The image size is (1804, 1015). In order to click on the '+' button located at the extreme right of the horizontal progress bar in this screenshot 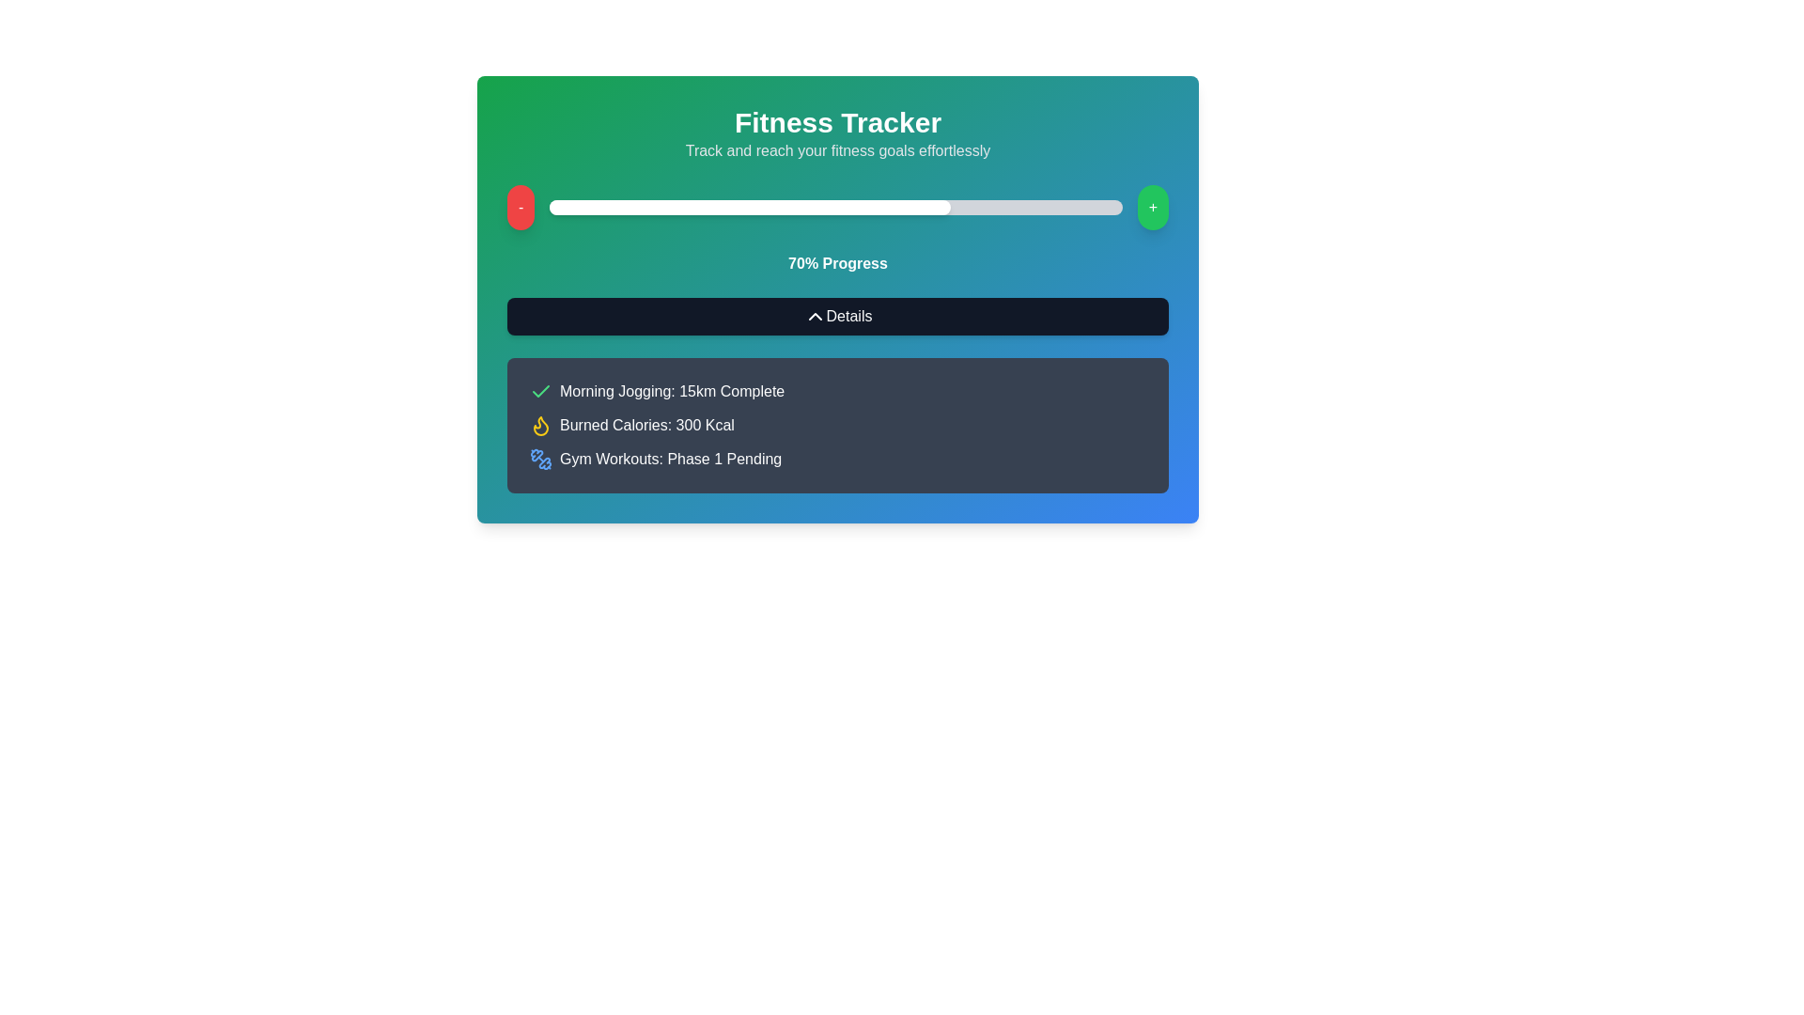, I will do `click(1152, 207)`.